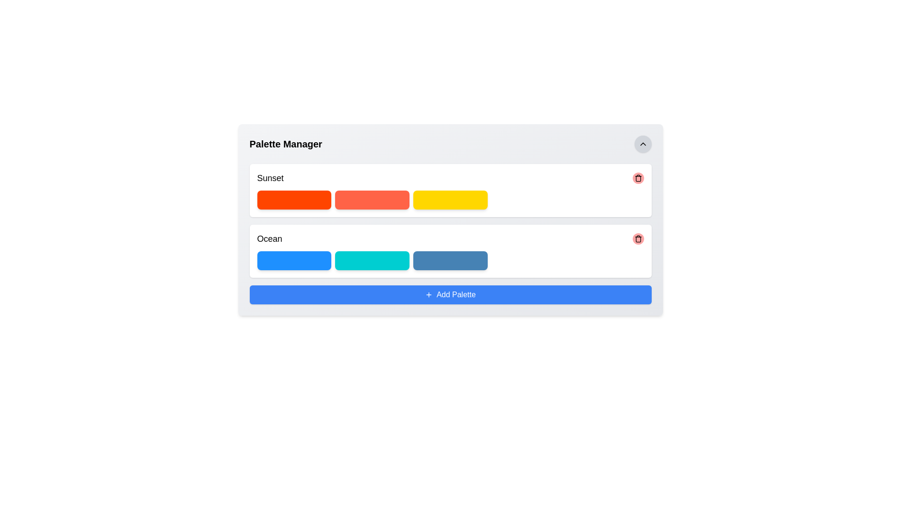 The width and height of the screenshot is (910, 512). Describe the element at coordinates (638, 238) in the screenshot. I see `the delete button located in the upper right part of the 'Ocean' palette group to trigger hover effects` at that location.